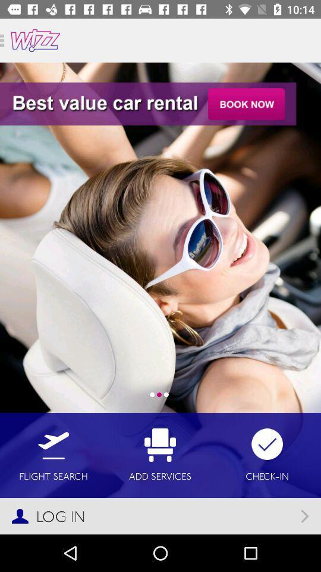 The image size is (321, 572). Describe the element at coordinates (53, 455) in the screenshot. I see `the flight search icon` at that location.